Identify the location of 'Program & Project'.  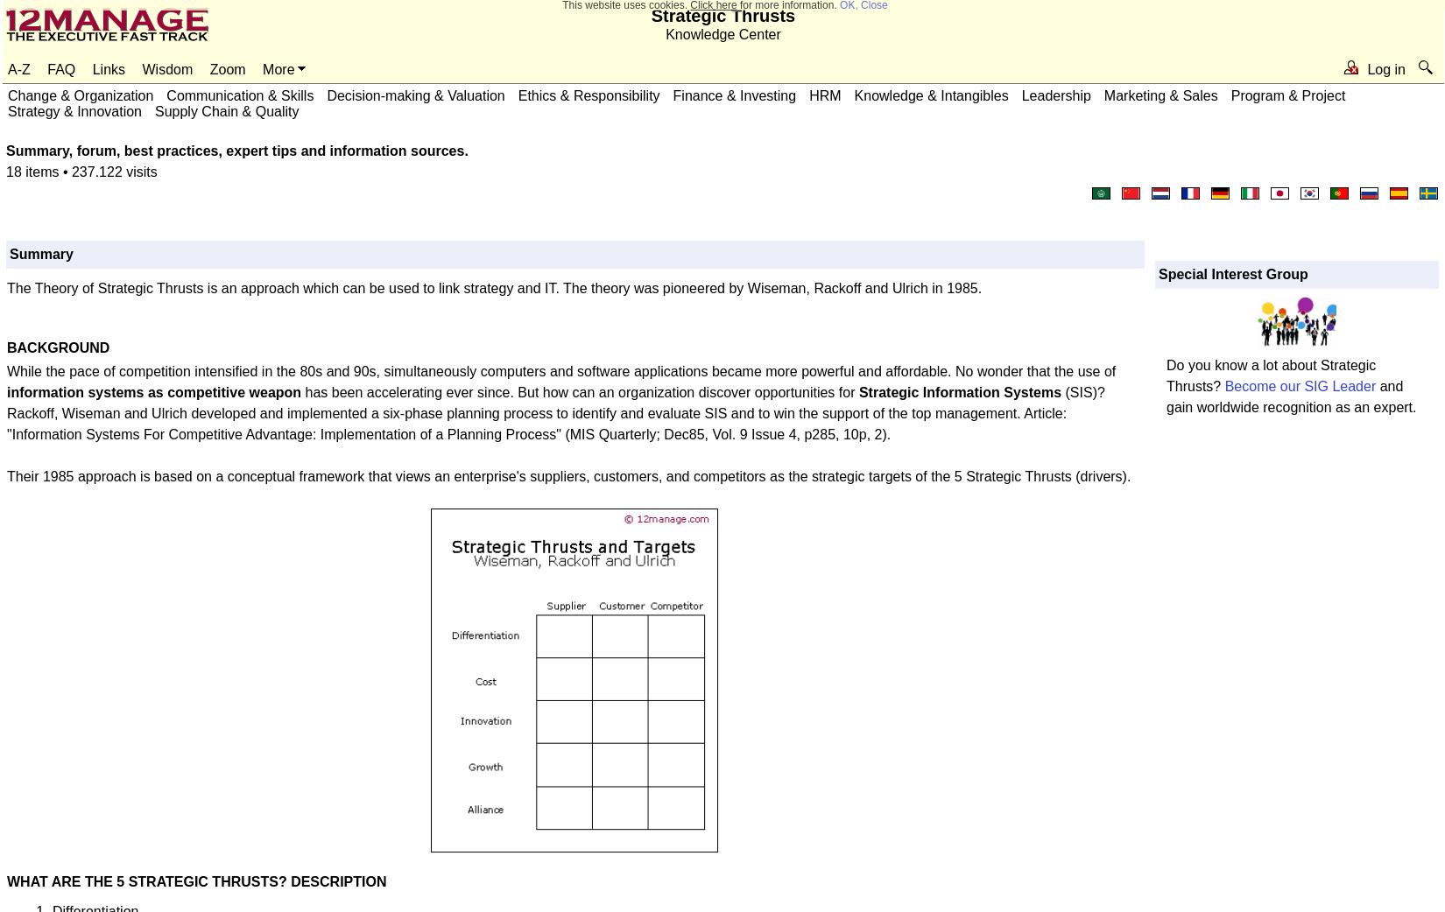
(1286, 95).